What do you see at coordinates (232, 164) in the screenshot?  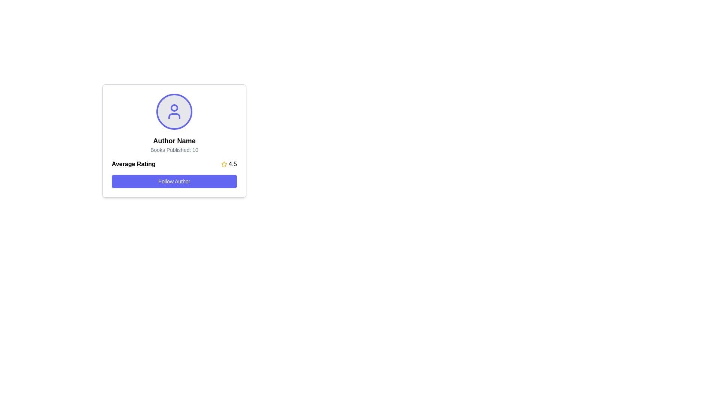 I see `the text element displaying the average rating, which is located to the right of the yellow star icon in the 'Average Rating' area` at bounding box center [232, 164].